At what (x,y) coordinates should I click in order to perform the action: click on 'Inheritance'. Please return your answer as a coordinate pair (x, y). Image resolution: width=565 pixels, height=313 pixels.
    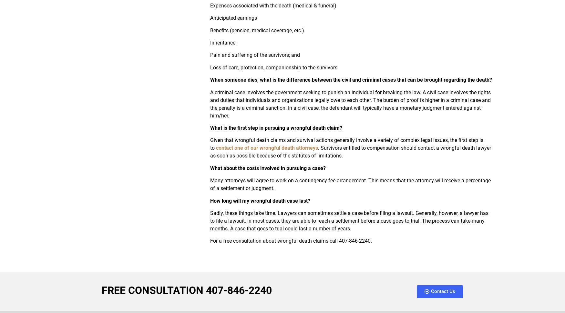
    Looking at the image, I should click on (209, 43).